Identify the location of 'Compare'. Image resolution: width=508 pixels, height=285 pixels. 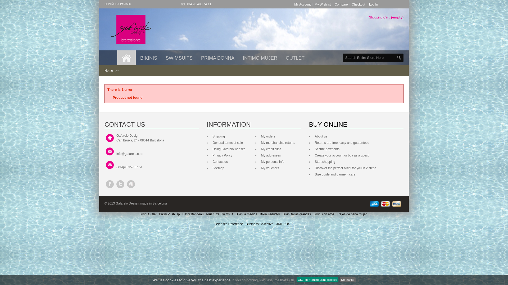
(341, 4).